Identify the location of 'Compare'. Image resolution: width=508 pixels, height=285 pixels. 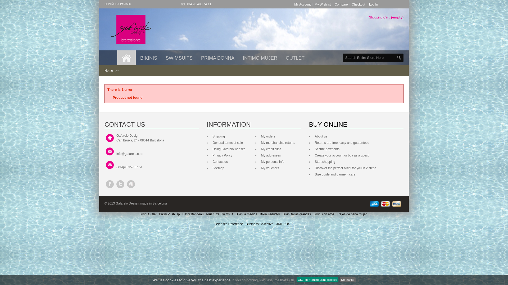
(341, 4).